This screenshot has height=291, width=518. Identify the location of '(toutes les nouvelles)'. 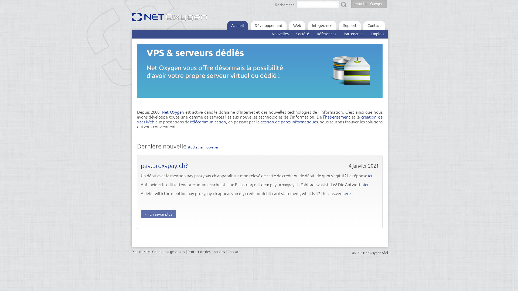
(203, 147).